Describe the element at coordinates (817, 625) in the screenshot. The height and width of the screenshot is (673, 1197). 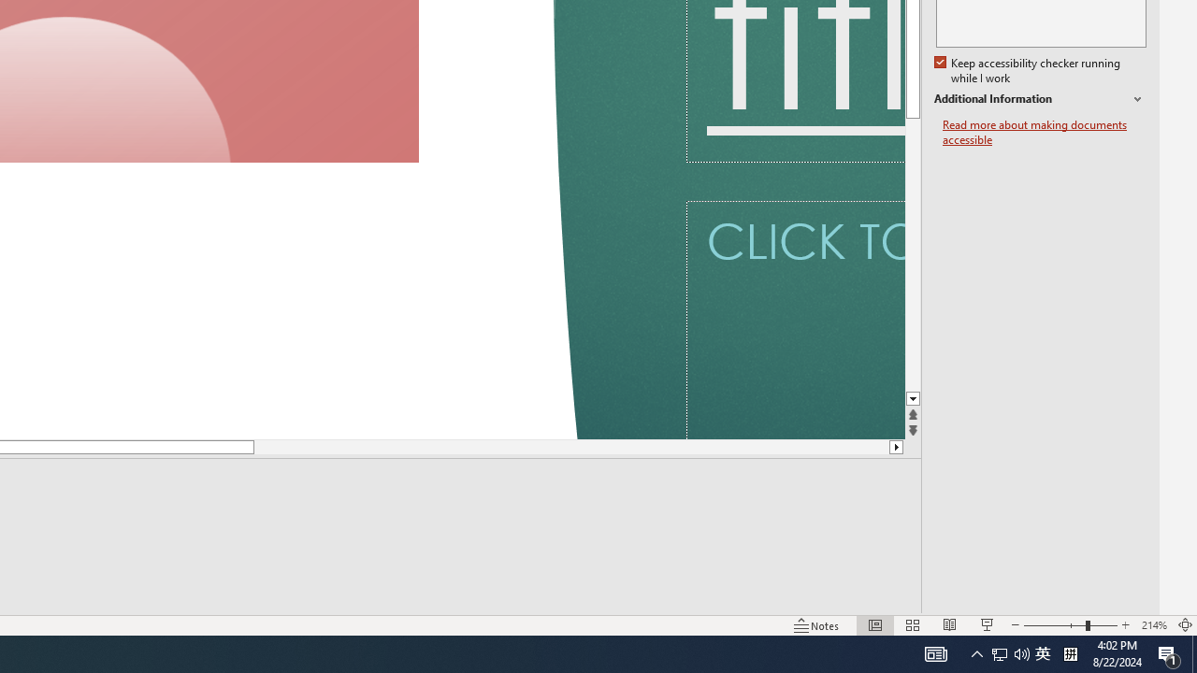
I see `'Notes '` at that location.